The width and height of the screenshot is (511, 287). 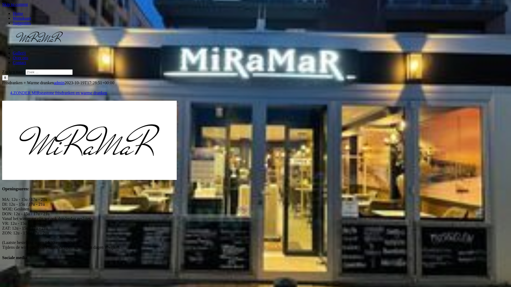 What do you see at coordinates (21, 23) in the screenshot?
I see `'Suggesties'` at bounding box center [21, 23].